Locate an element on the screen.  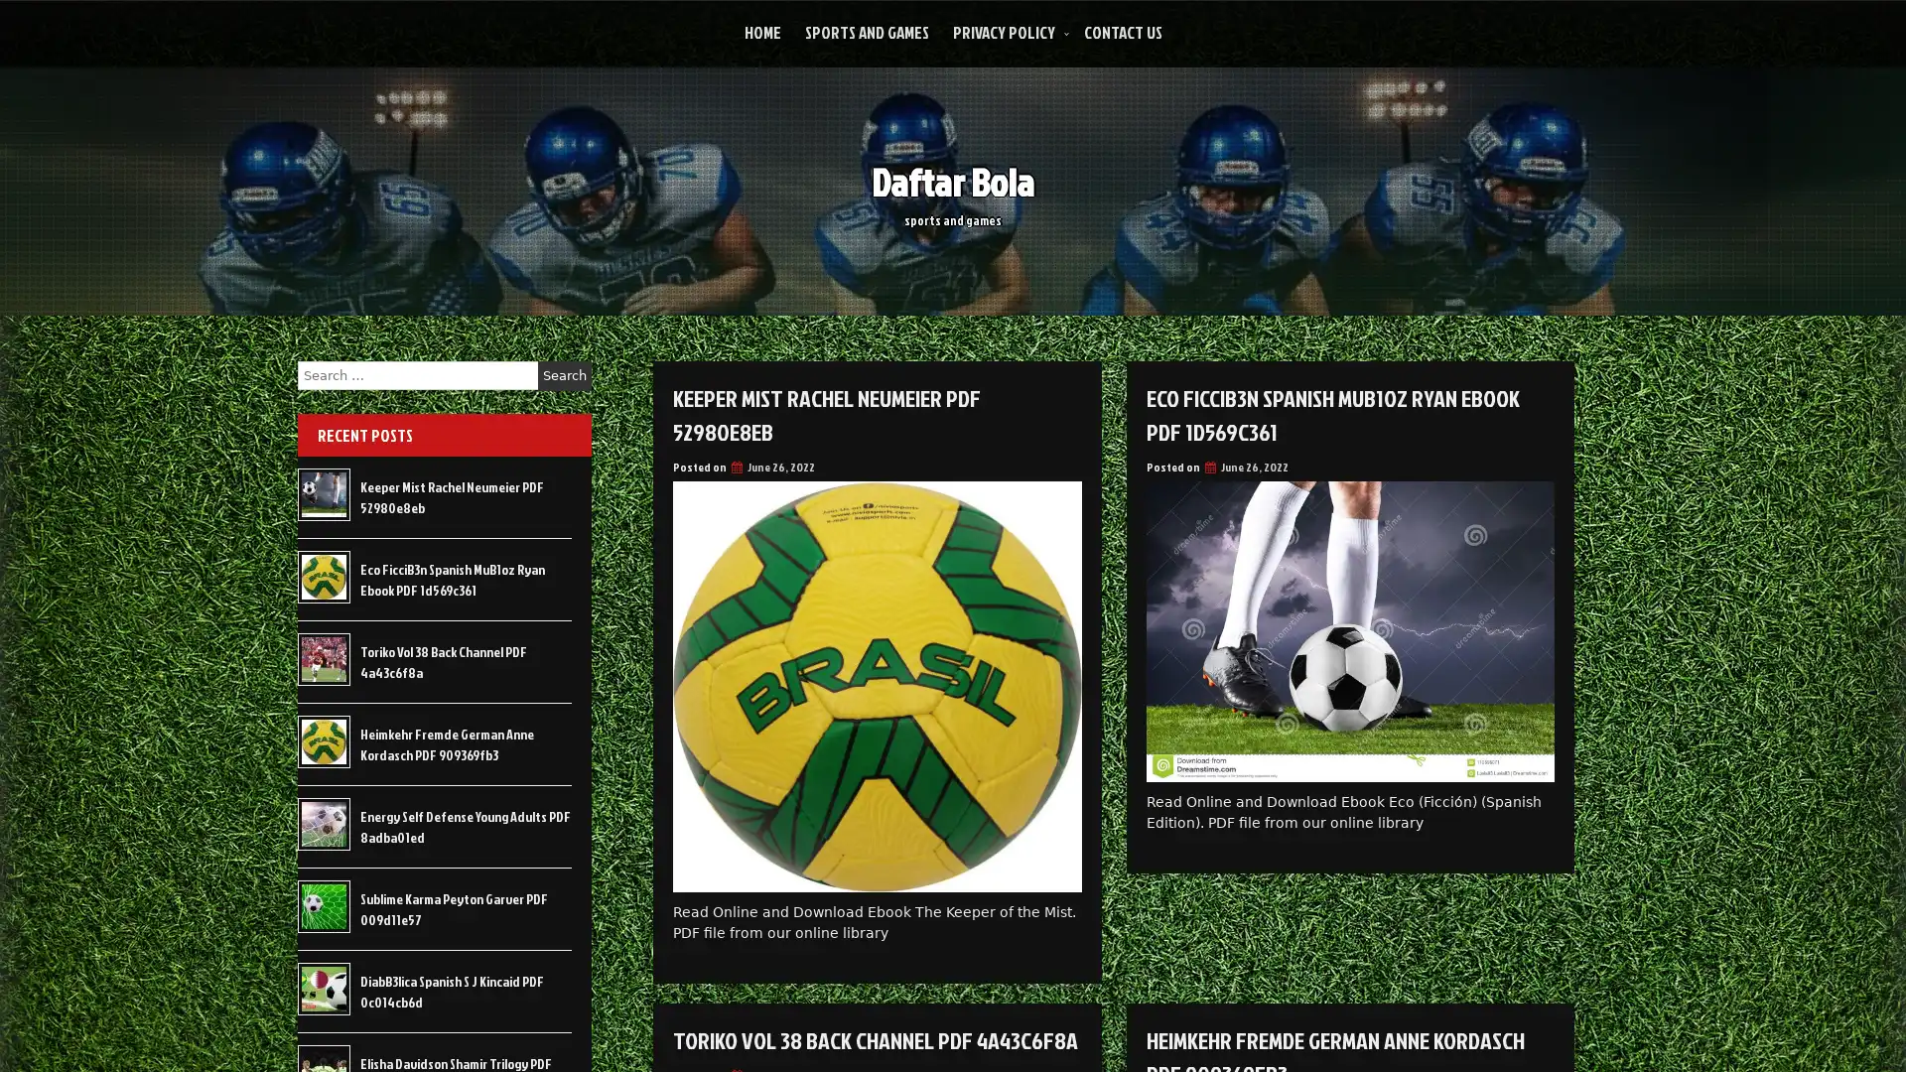
Search is located at coordinates (564, 375).